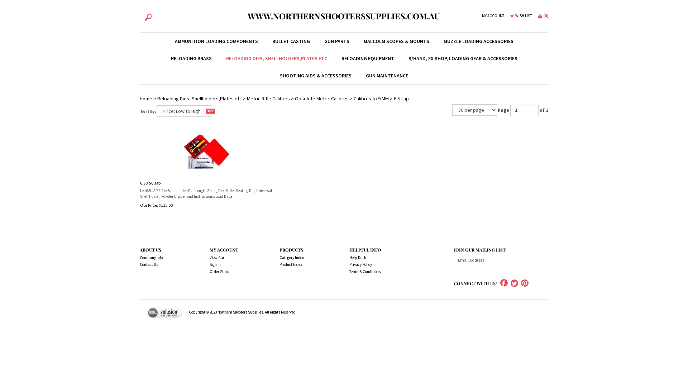  What do you see at coordinates (463, 58) in the screenshot?
I see `'S/HAND, EX SHOP, LOADING GEAR & ACCESSORIES'` at bounding box center [463, 58].